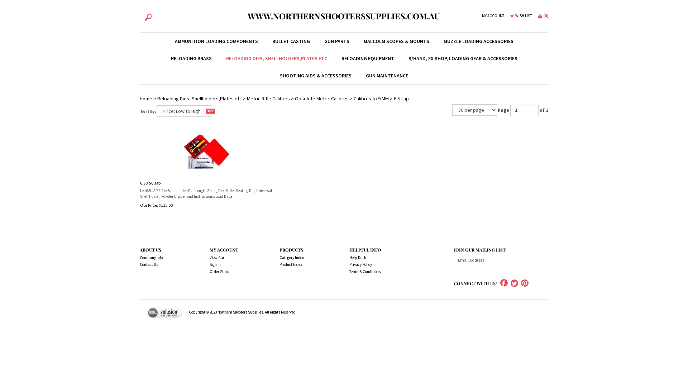  What do you see at coordinates (463, 58) in the screenshot?
I see `'S/HAND, EX SHOP, LOADING GEAR & ACCESSORIES'` at bounding box center [463, 58].